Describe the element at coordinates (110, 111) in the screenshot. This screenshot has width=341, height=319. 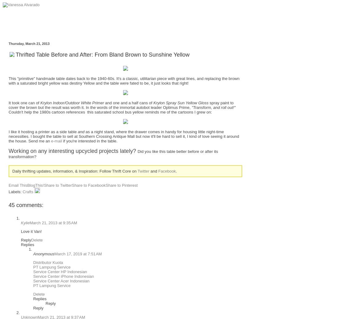
I see `'Couldn't help the 1980s cartoon references  this saturated school bus yellow reminds me of the cartoons I grew on:'` at that location.